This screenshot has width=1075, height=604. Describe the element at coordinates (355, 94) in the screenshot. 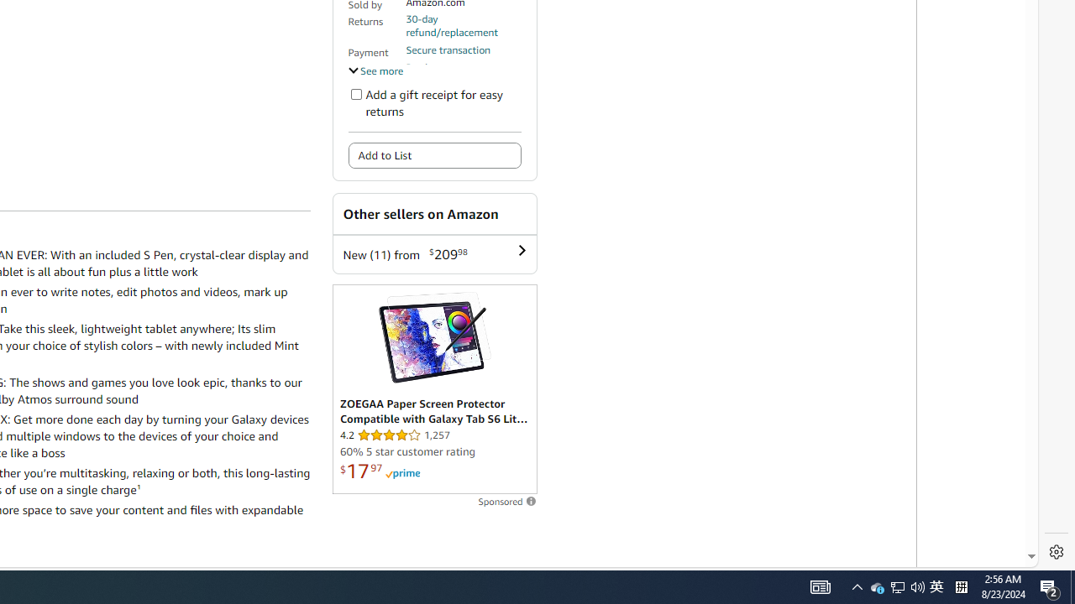

I see `'Add a gift receipt for easy returns'` at that location.